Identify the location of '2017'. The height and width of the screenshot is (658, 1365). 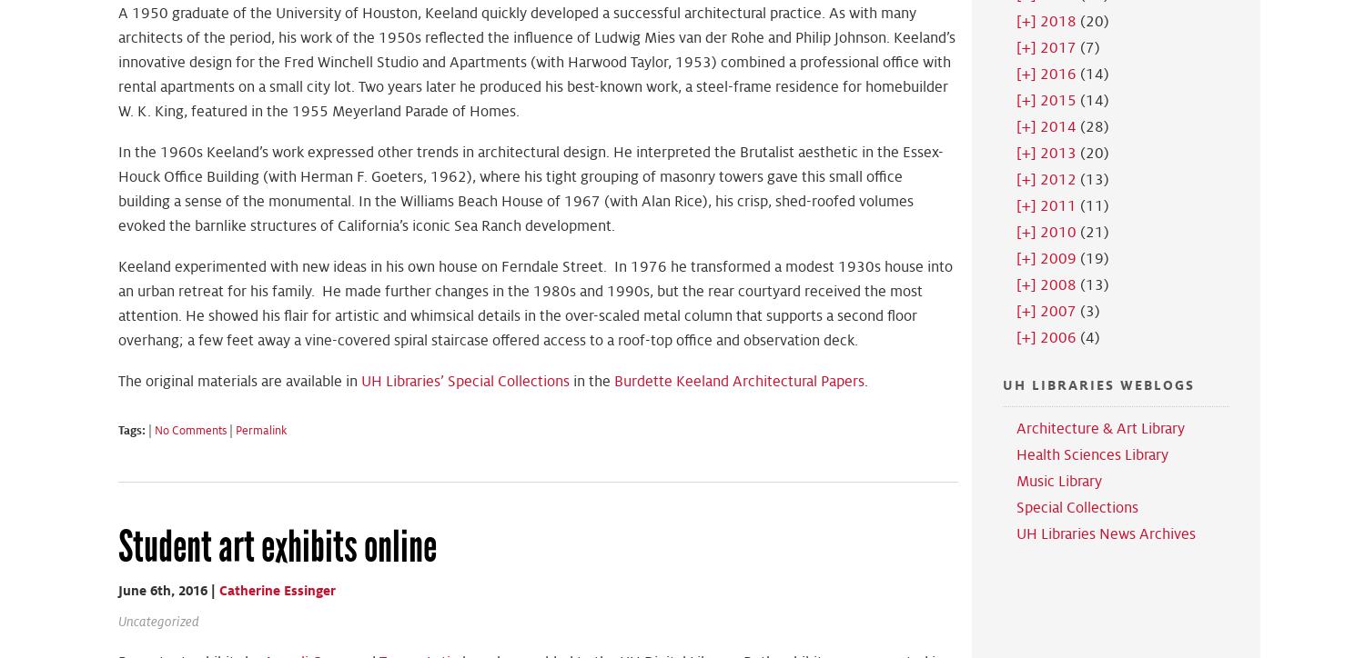
(1057, 47).